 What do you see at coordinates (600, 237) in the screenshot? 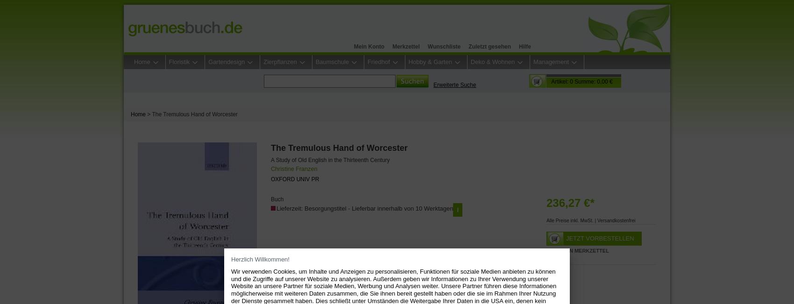
I see `'Jetzt vorbestellen'` at bounding box center [600, 237].